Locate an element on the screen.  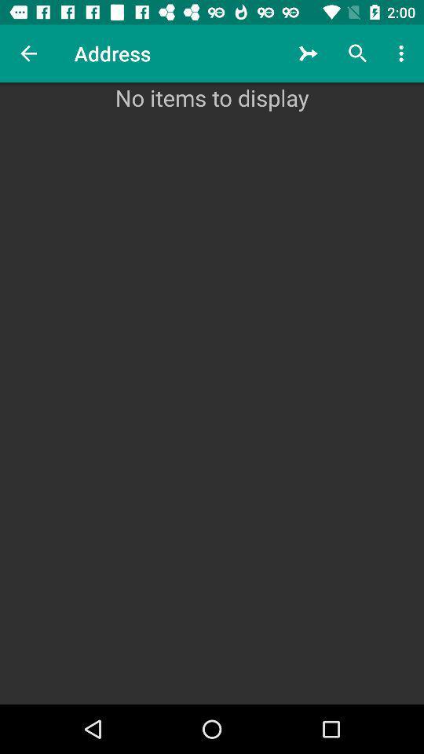
the item above the no items to is located at coordinates (403, 53).